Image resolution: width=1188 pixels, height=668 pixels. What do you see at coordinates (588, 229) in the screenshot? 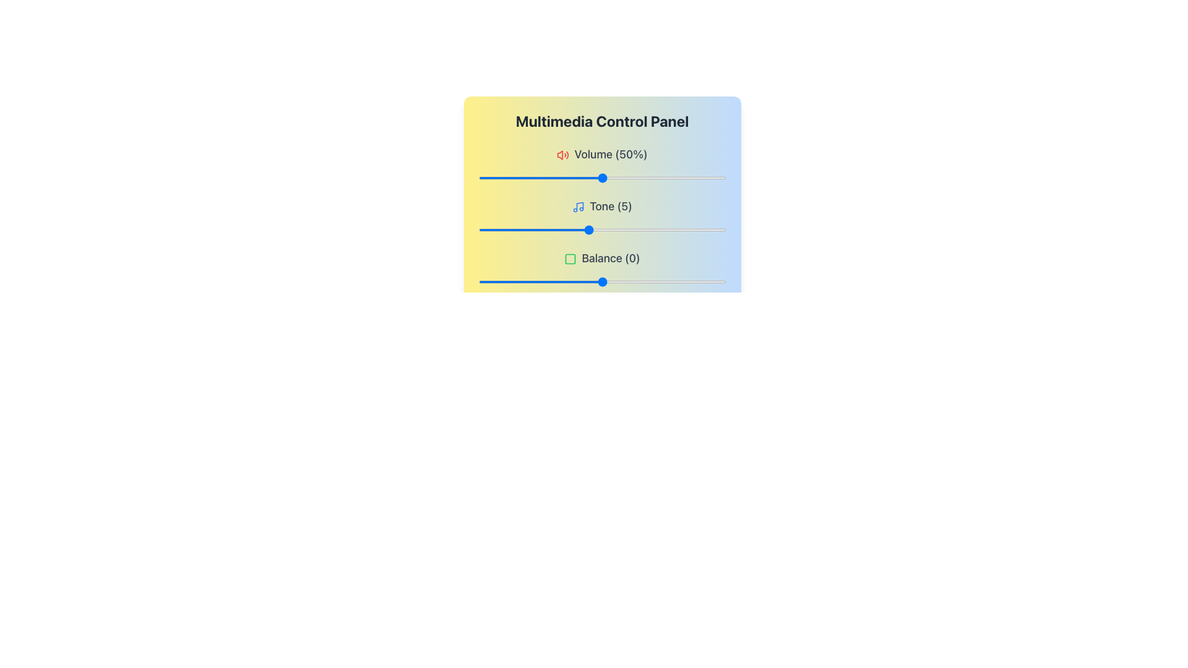
I see `the tone value` at bounding box center [588, 229].